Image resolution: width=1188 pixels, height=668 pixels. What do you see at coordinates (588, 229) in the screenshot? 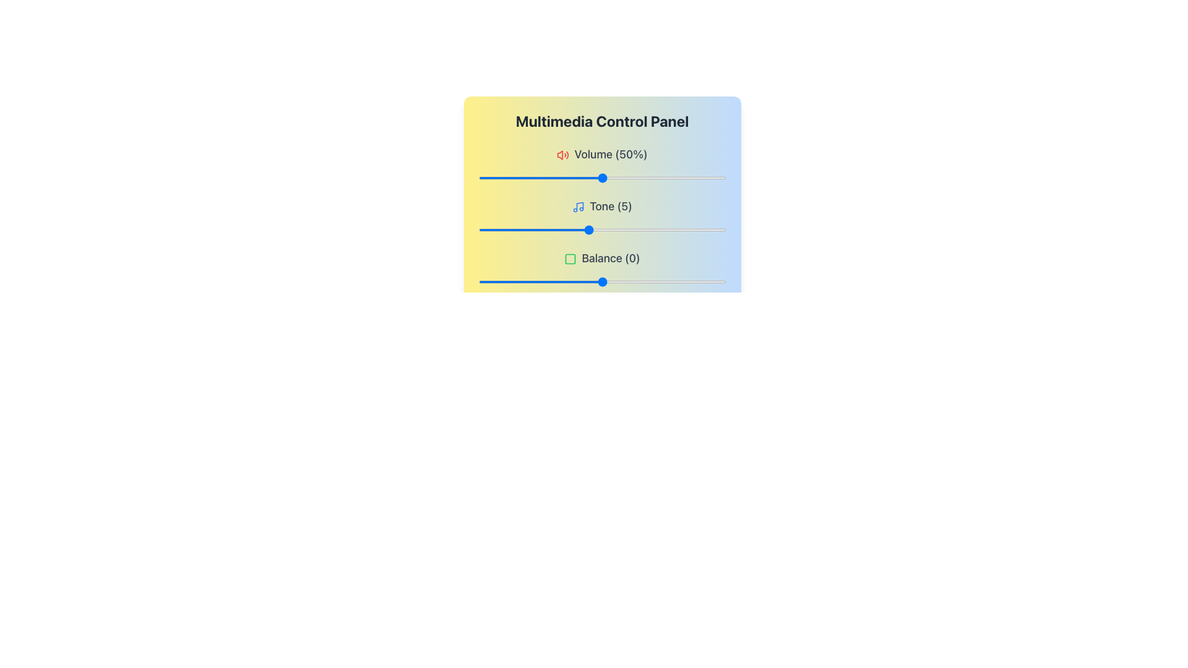
I see `the tone value` at bounding box center [588, 229].